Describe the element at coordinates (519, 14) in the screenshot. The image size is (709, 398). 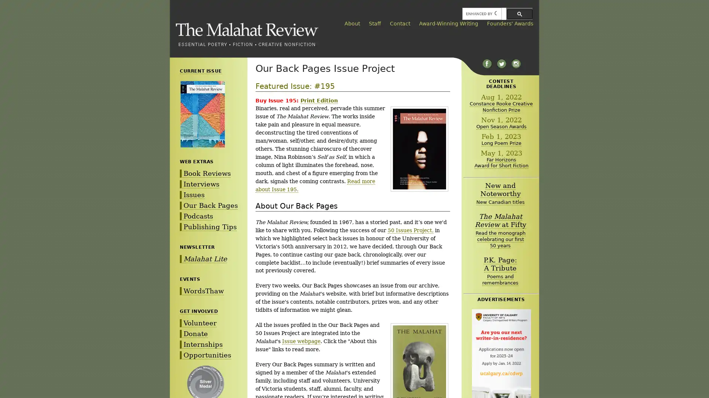
I see `search` at that location.